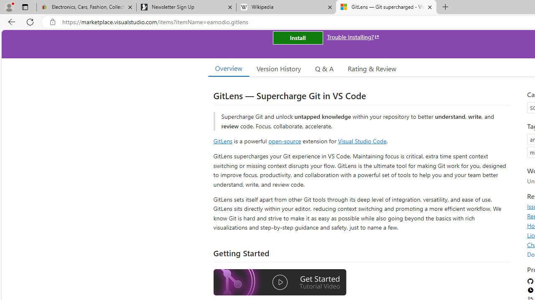 This screenshot has height=300, width=535. What do you see at coordinates (228, 68) in the screenshot?
I see `'Overview'` at bounding box center [228, 68].